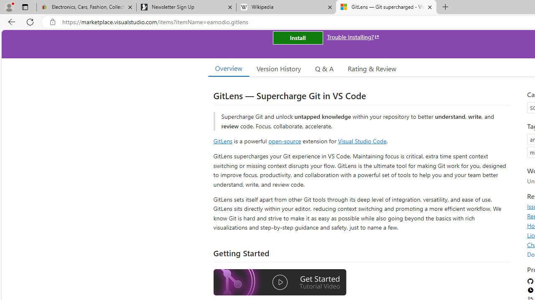 This screenshot has height=300, width=535. What do you see at coordinates (228, 68) in the screenshot?
I see `'Overview'` at bounding box center [228, 68].